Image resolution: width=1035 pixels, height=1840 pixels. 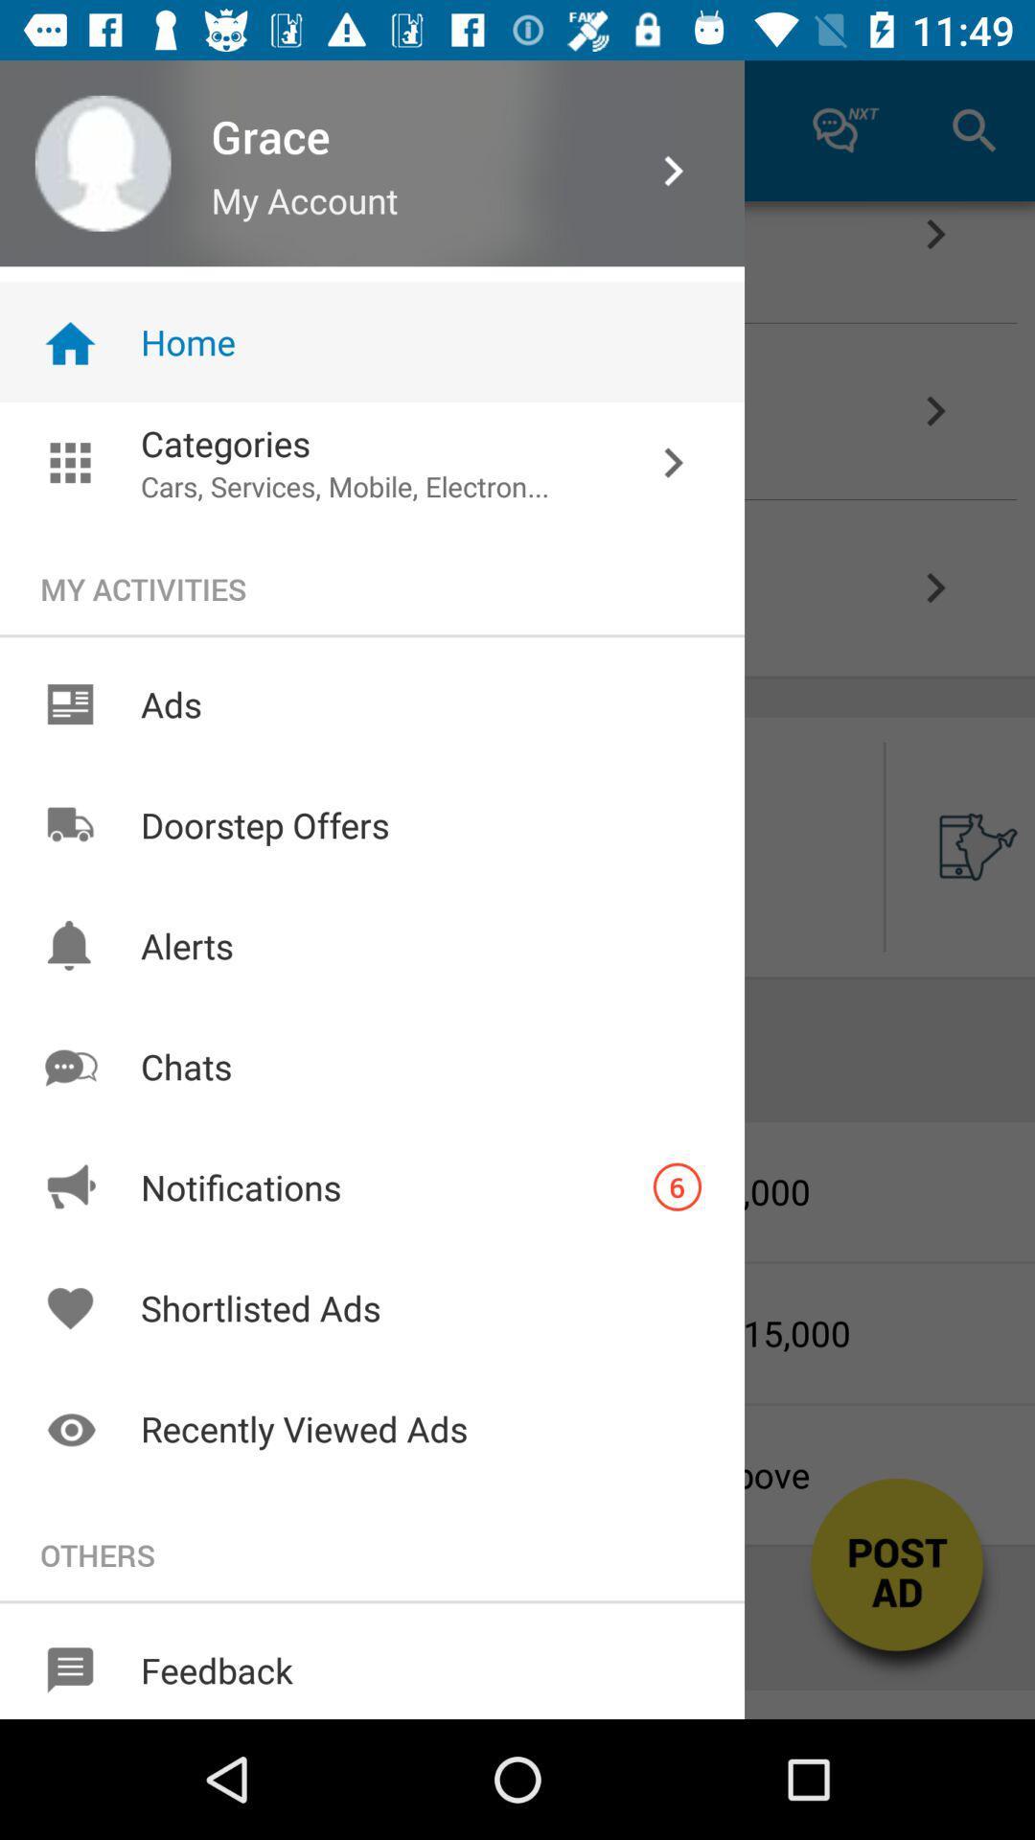 I want to click on the icon which is left side of the doorstep offers, so click(x=69, y=825).